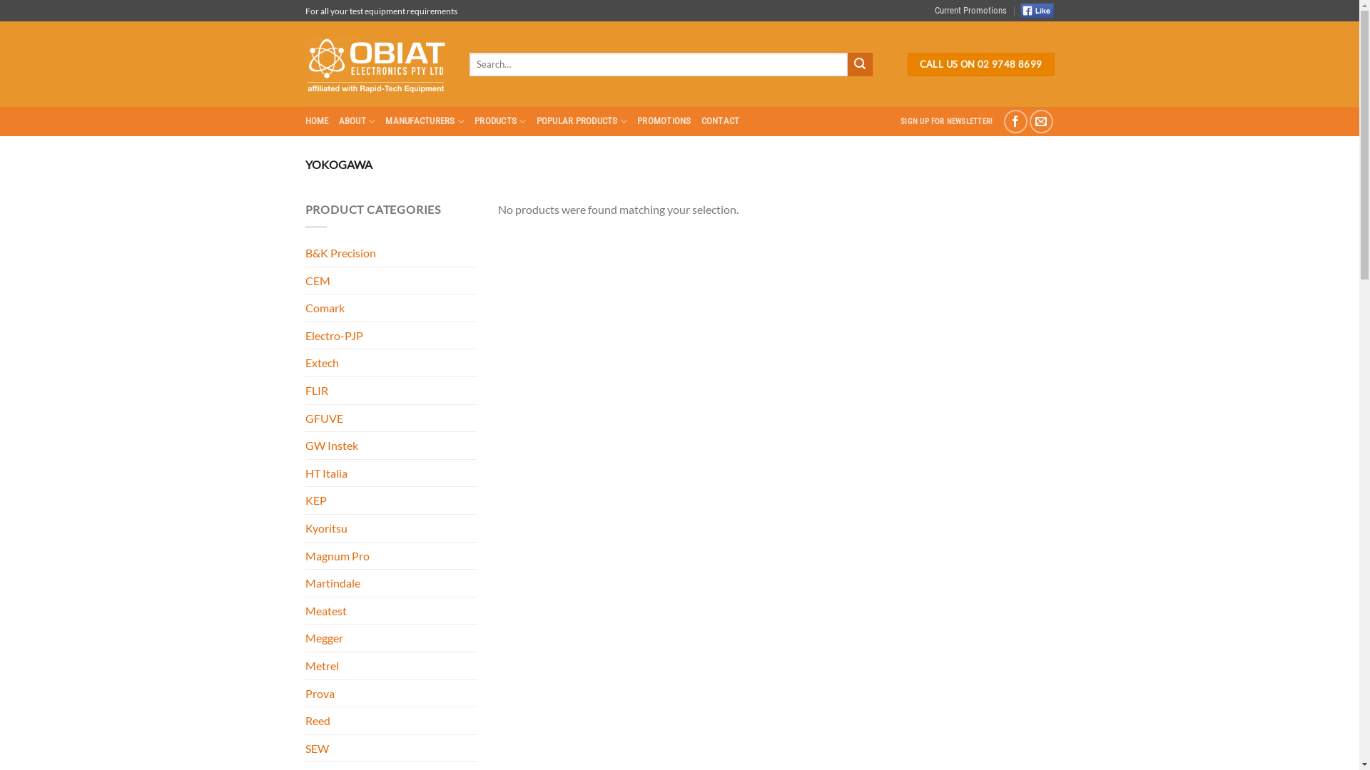 The width and height of the screenshot is (1370, 770). What do you see at coordinates (582, 120) in the screenshot?
I see `'POPULAR PRODUCTS'` at bounding box center [582, 120].